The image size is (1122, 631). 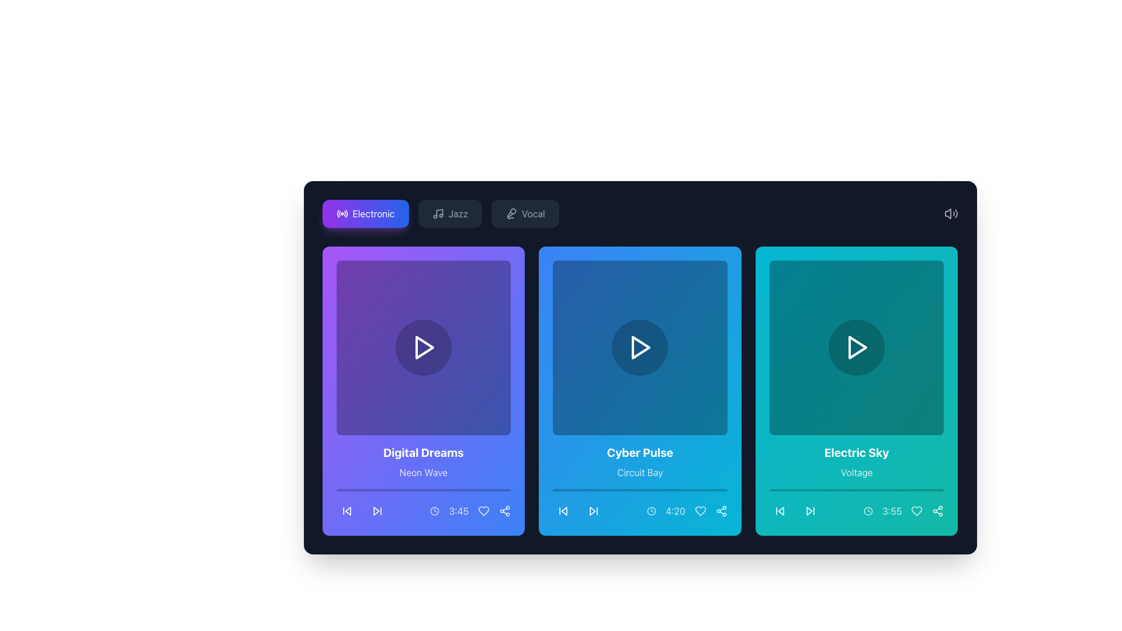 What do you see at coordinates (639, 490) in the screenshot?
I see `the progress bar located directly below the 'Circuit Bay' text within the 'Cyber Pulse' card, which is the middle card in the row of three cards` at bounding box center [639, 490].